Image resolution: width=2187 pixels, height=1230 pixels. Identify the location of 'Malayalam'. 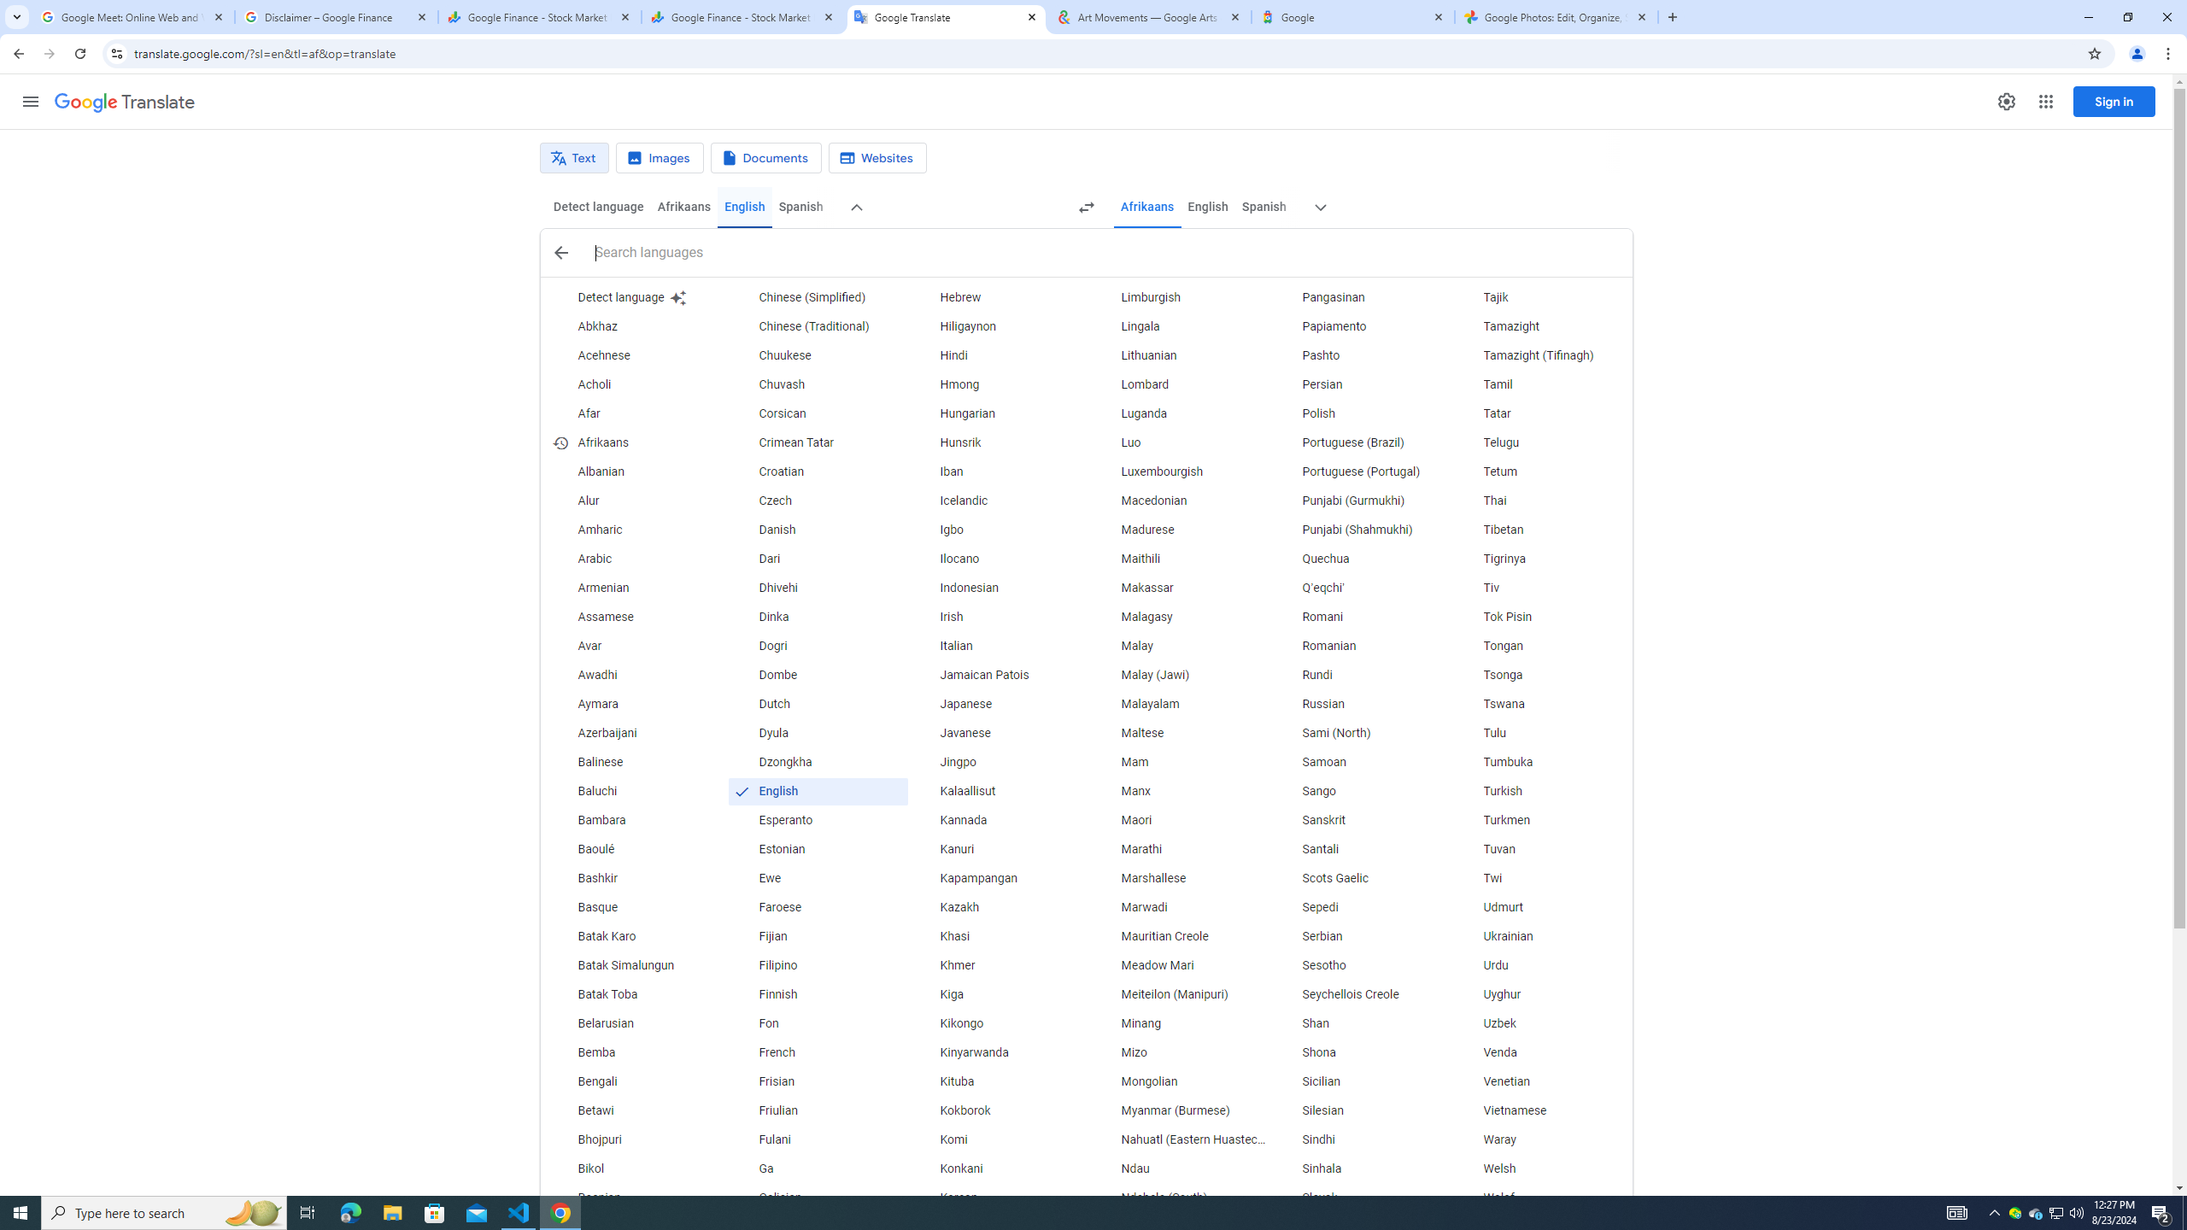
(1180, 704).